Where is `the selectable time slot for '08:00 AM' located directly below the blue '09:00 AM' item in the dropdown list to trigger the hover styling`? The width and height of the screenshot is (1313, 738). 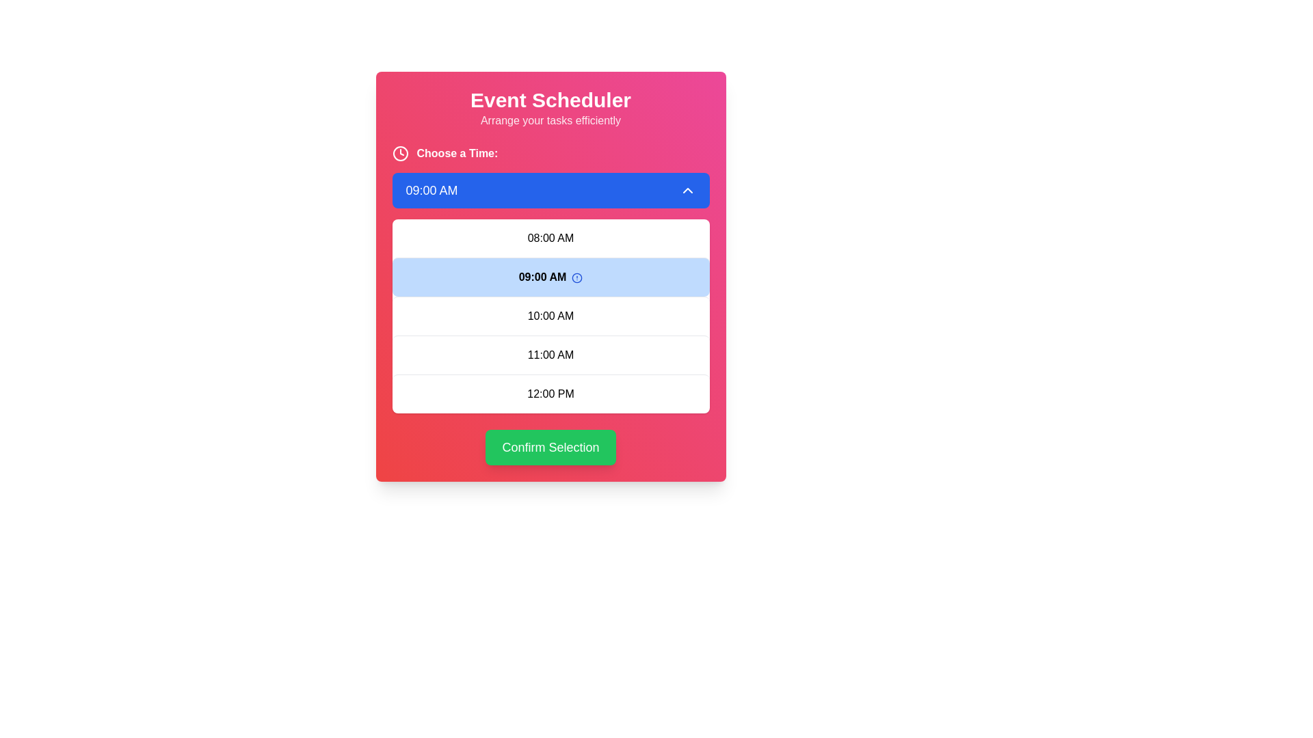
the selectable time slot for '08:00 AM' located directly below the blue '09:00 AM' item in the dropdown list to trigger the hover styling is located at coordinates (551, 237).